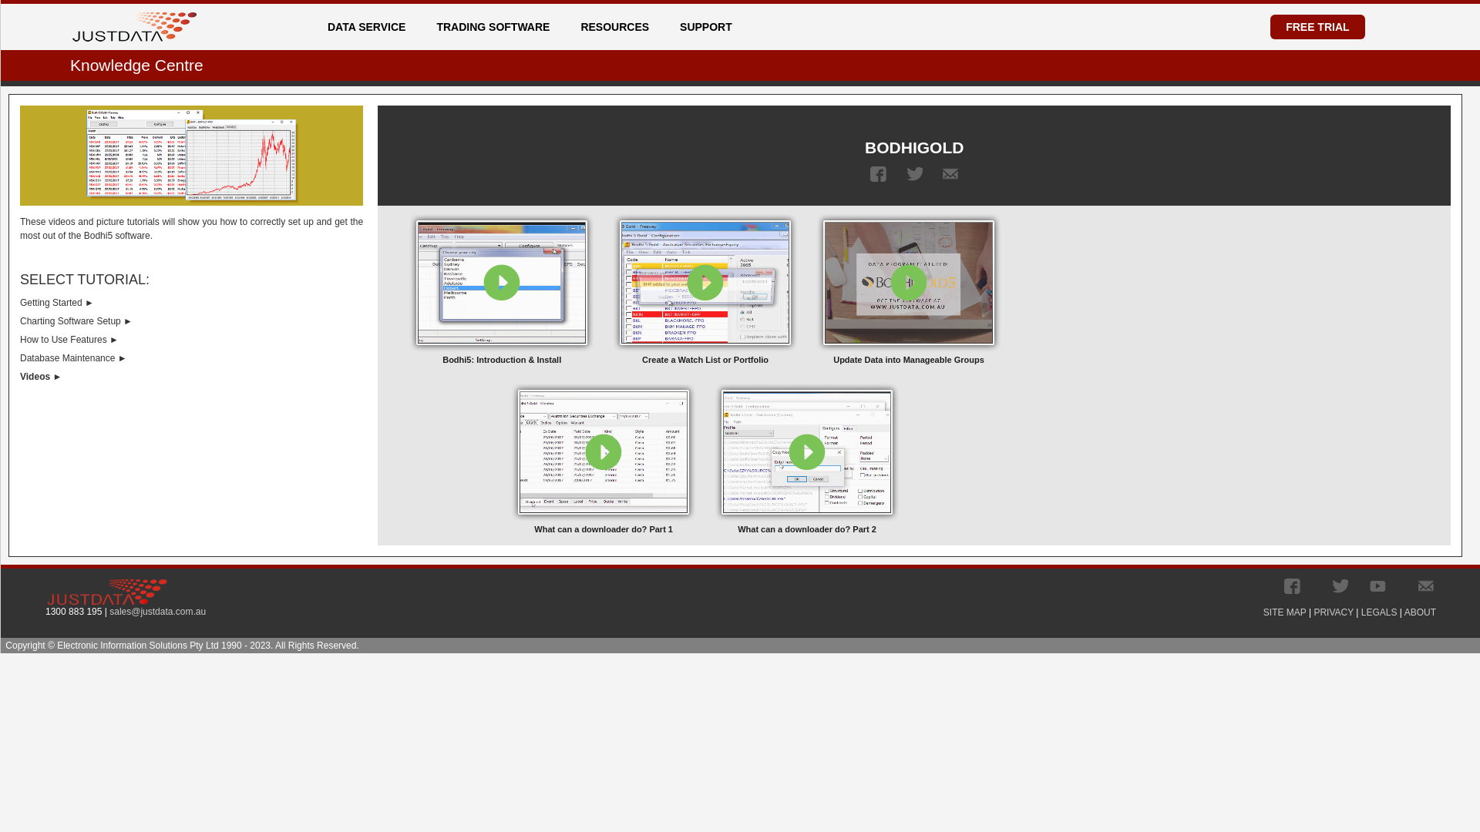 This screenshot has width=1480, height=832. Describe the element at coordinates (1331, 585) in the screenshot. I see `'JustData's Tweets'` at that location.